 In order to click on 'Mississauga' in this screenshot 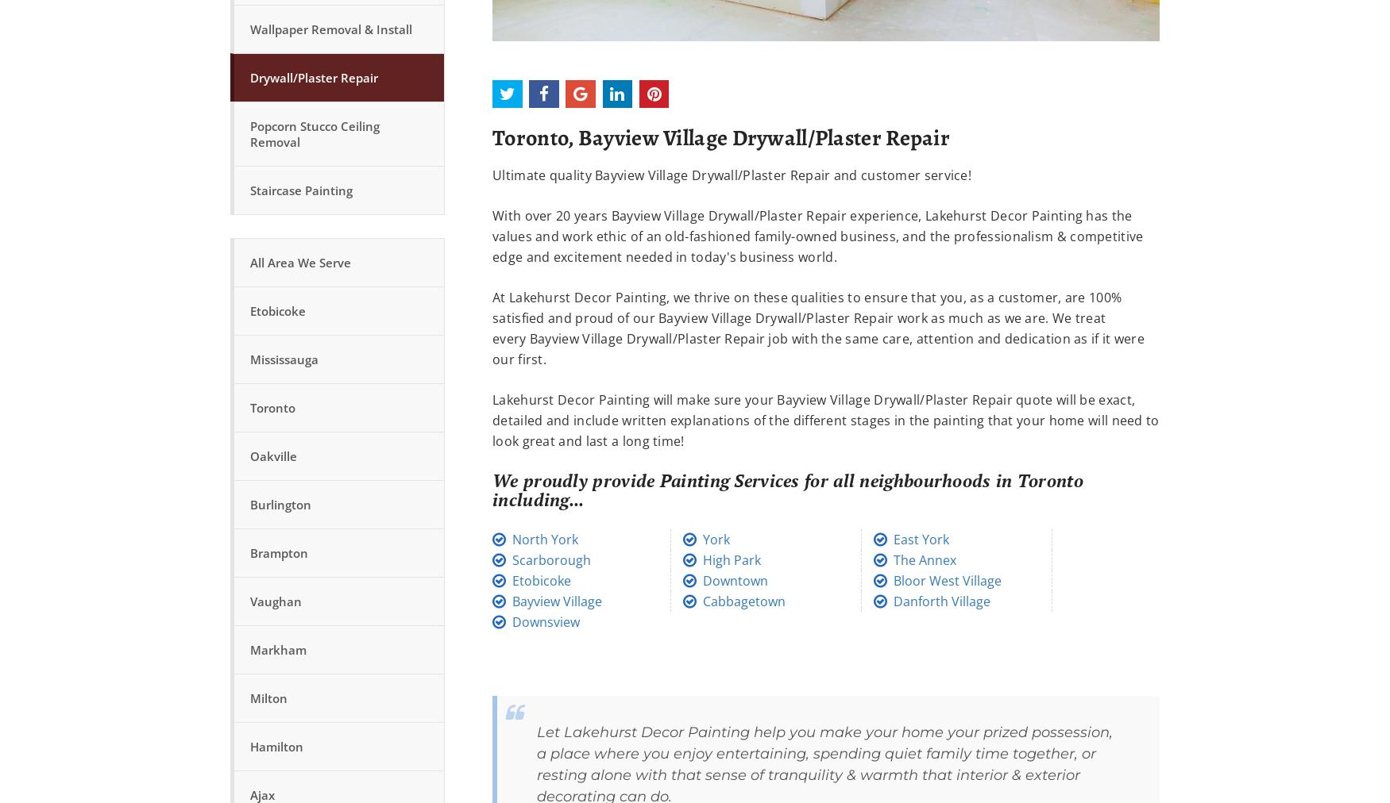, I will do `click(284, 359)`.